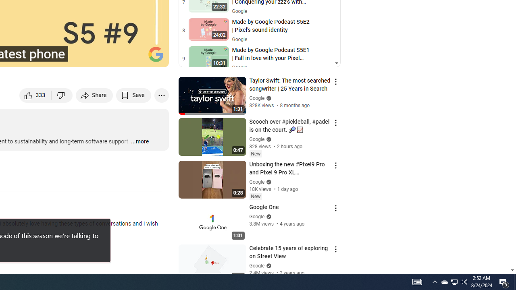 This screenshot has width=516, height=290. I want to click on 'Share', so click(94, 95).